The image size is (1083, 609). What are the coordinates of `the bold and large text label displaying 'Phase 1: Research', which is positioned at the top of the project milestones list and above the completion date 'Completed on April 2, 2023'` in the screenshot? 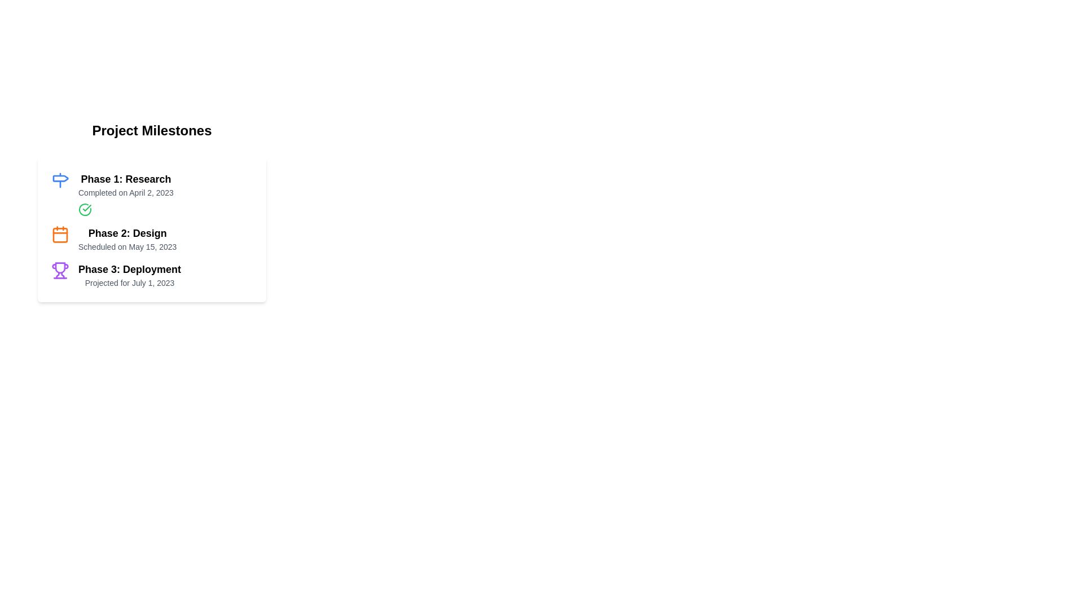 It's located at (126, 178).